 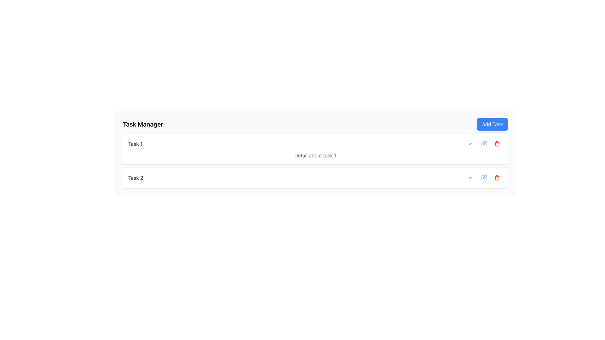 What do you see at coordinates (484, 177) in the screenshot?
I see `the miniature 'pencil' icon in the action section of the second task in the task list` at bounding box center [484, 177].